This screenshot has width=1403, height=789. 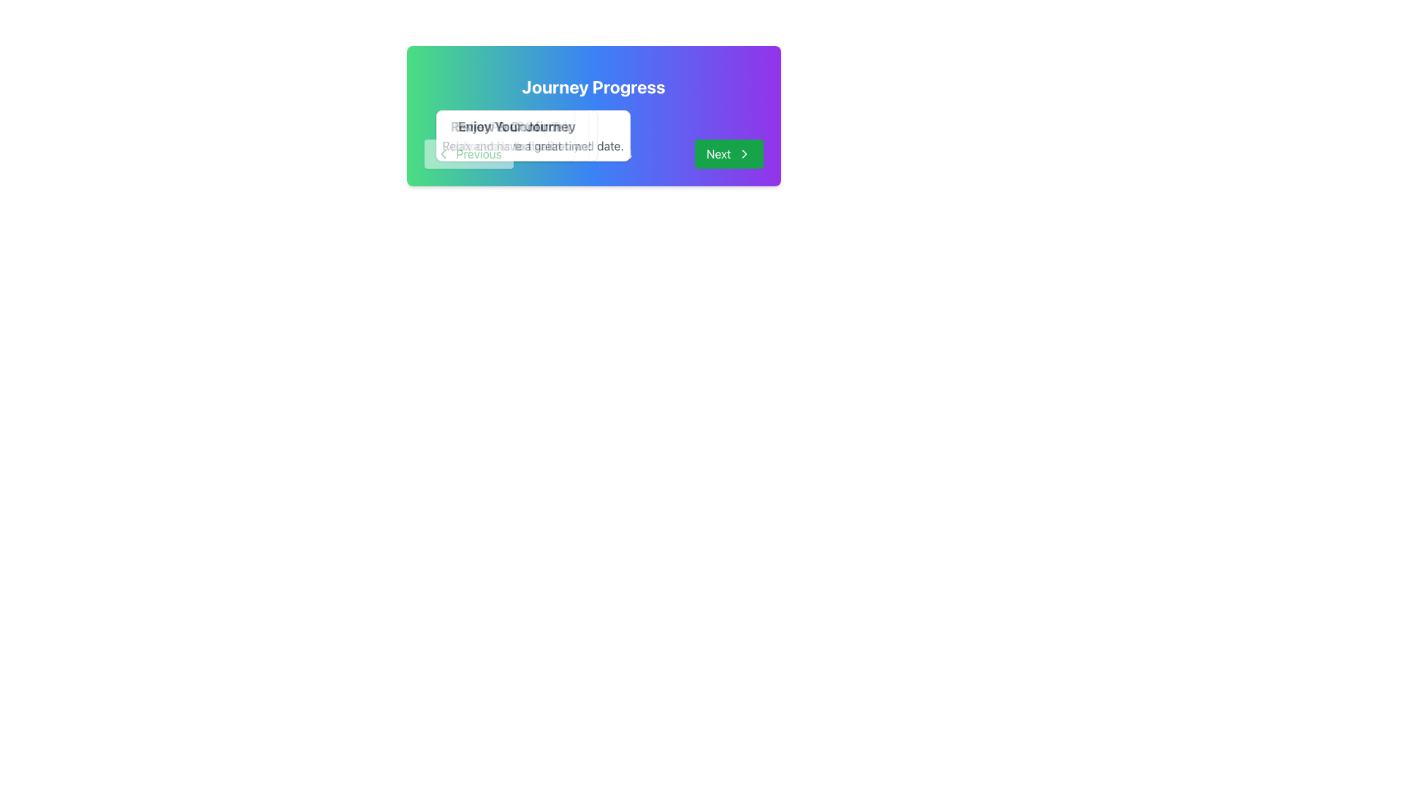 I want to click on the text label displaying 'Relax and have a great time!' in light gray, located in the popup box beneath the 'Enjoy Your Journey' text, so click(x=517, y=146).